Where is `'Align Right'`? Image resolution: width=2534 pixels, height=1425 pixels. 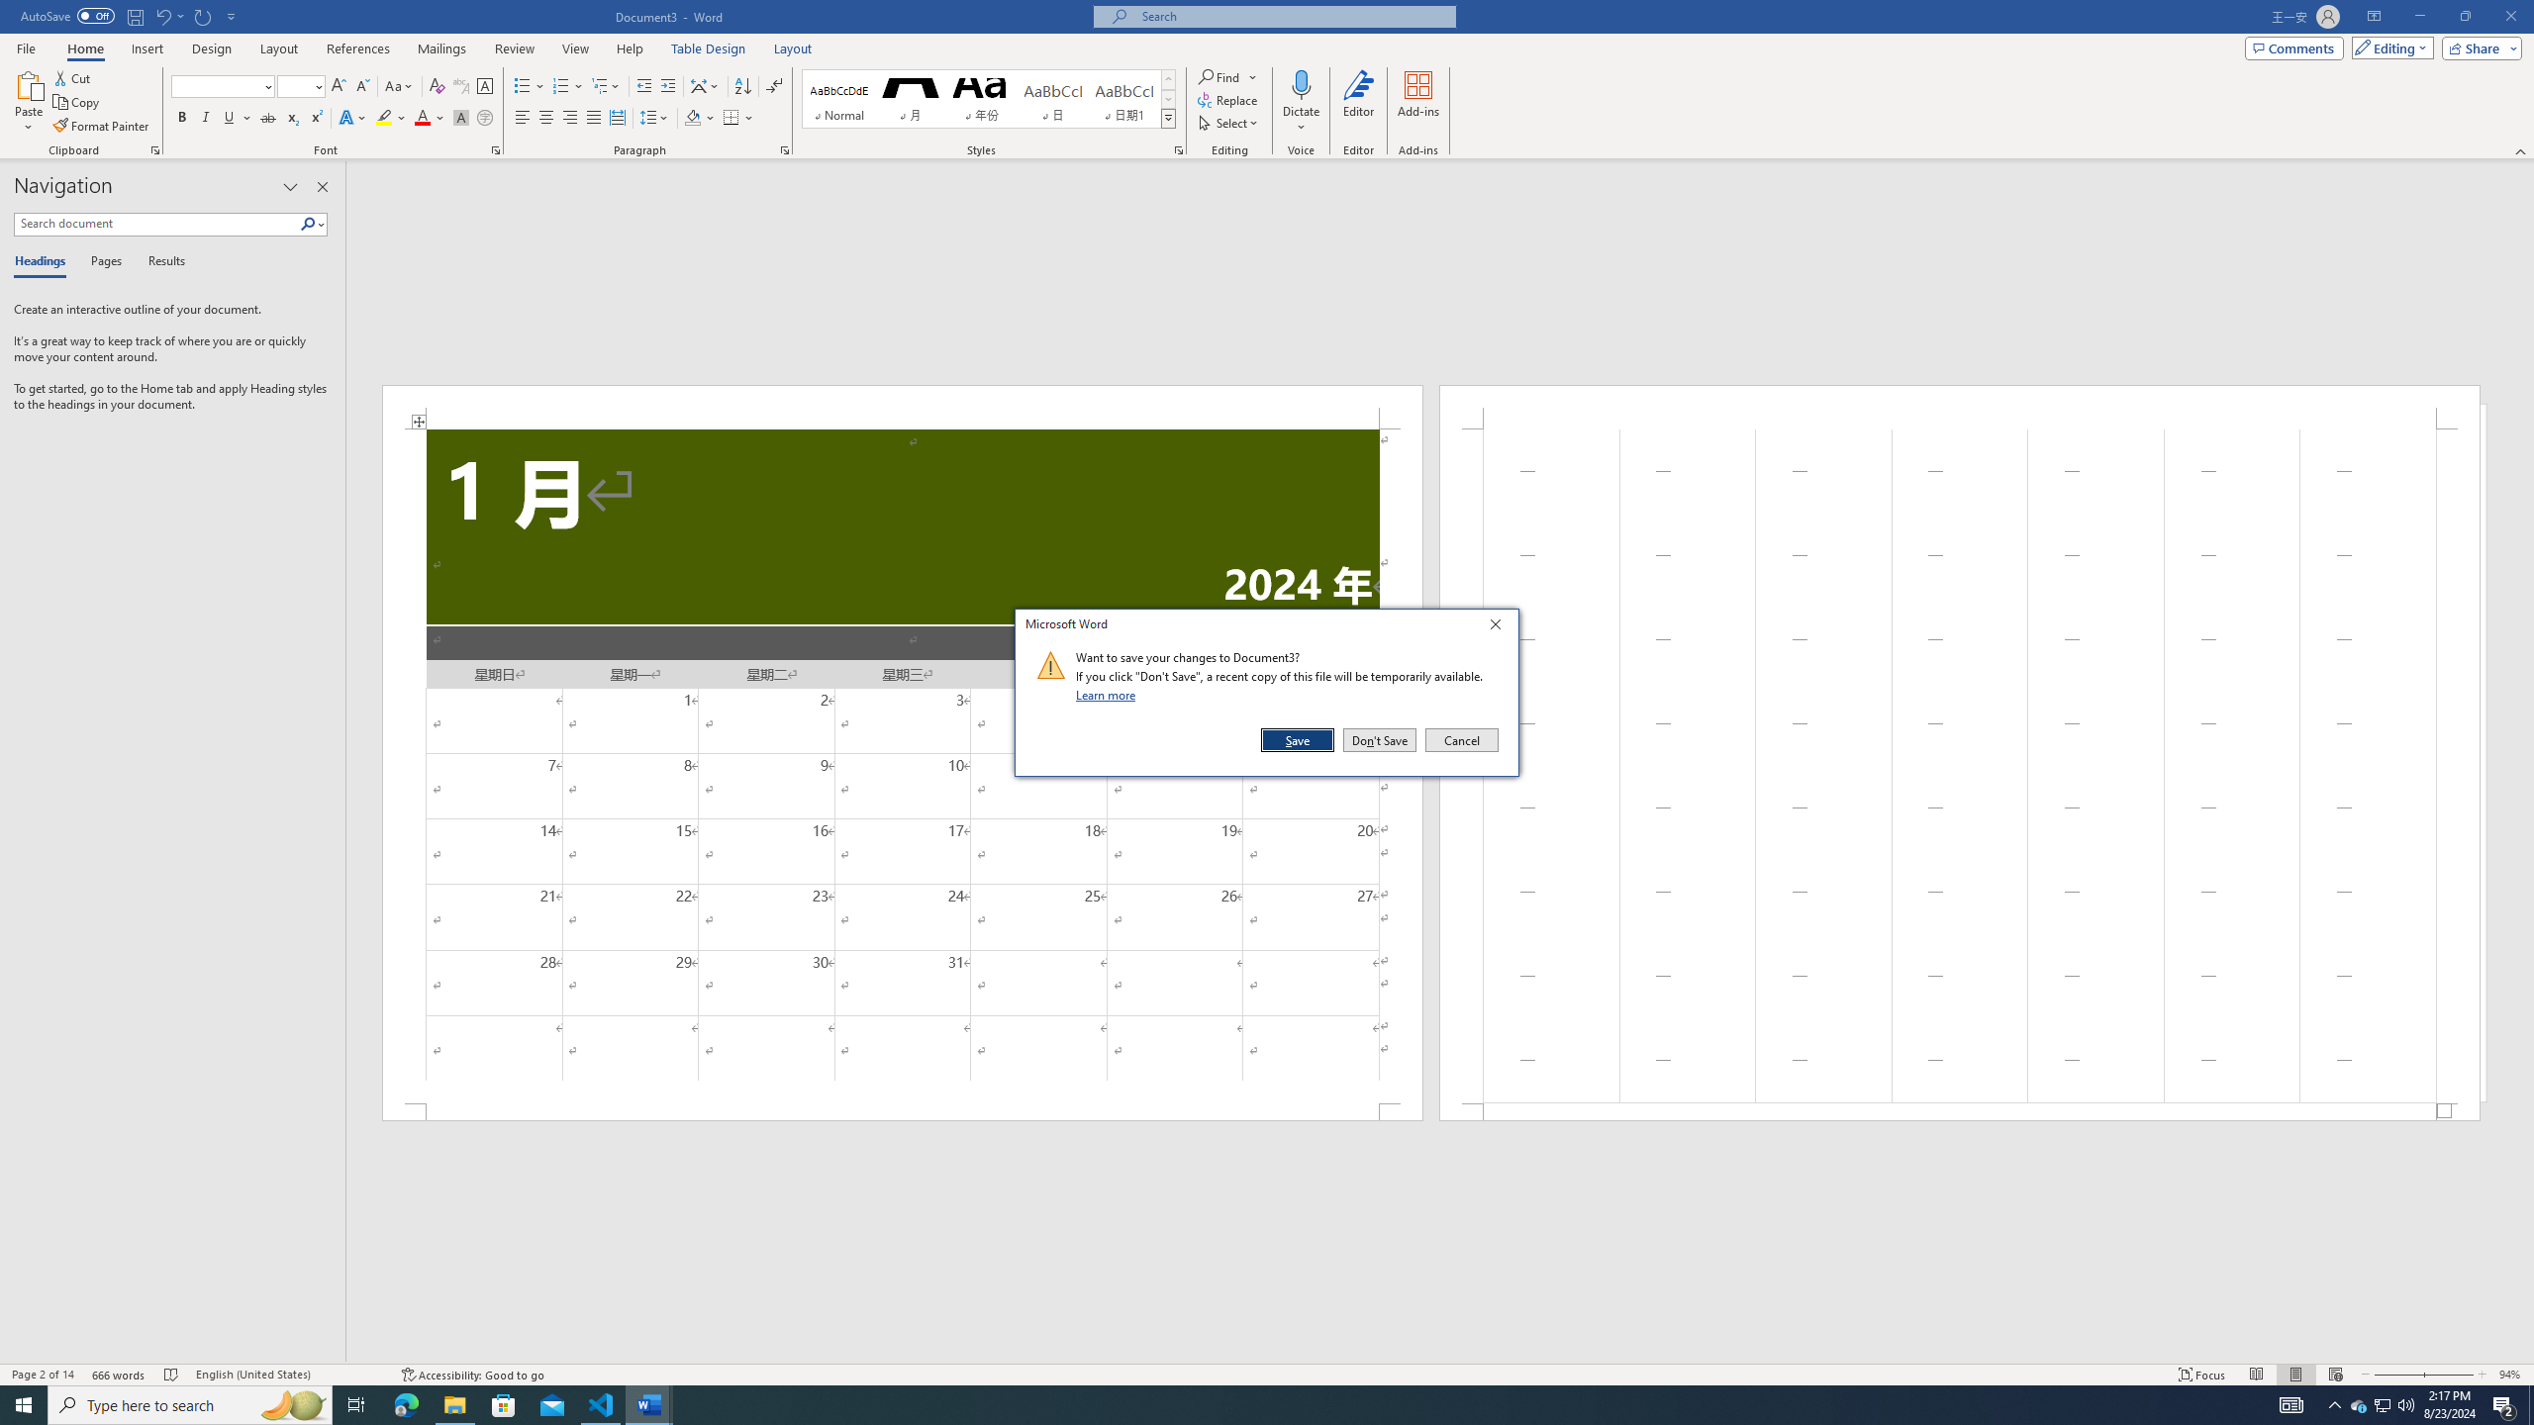
'Align Right' is located at coordinates (569, 117).